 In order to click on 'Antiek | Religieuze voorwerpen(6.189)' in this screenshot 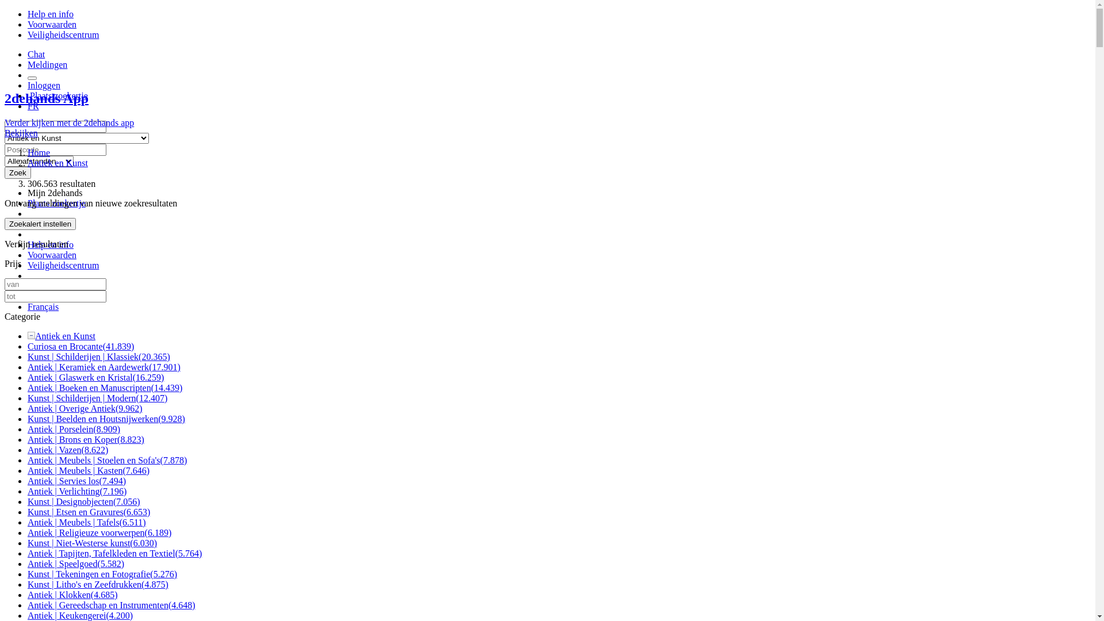, I will do `click(99, 532)`.